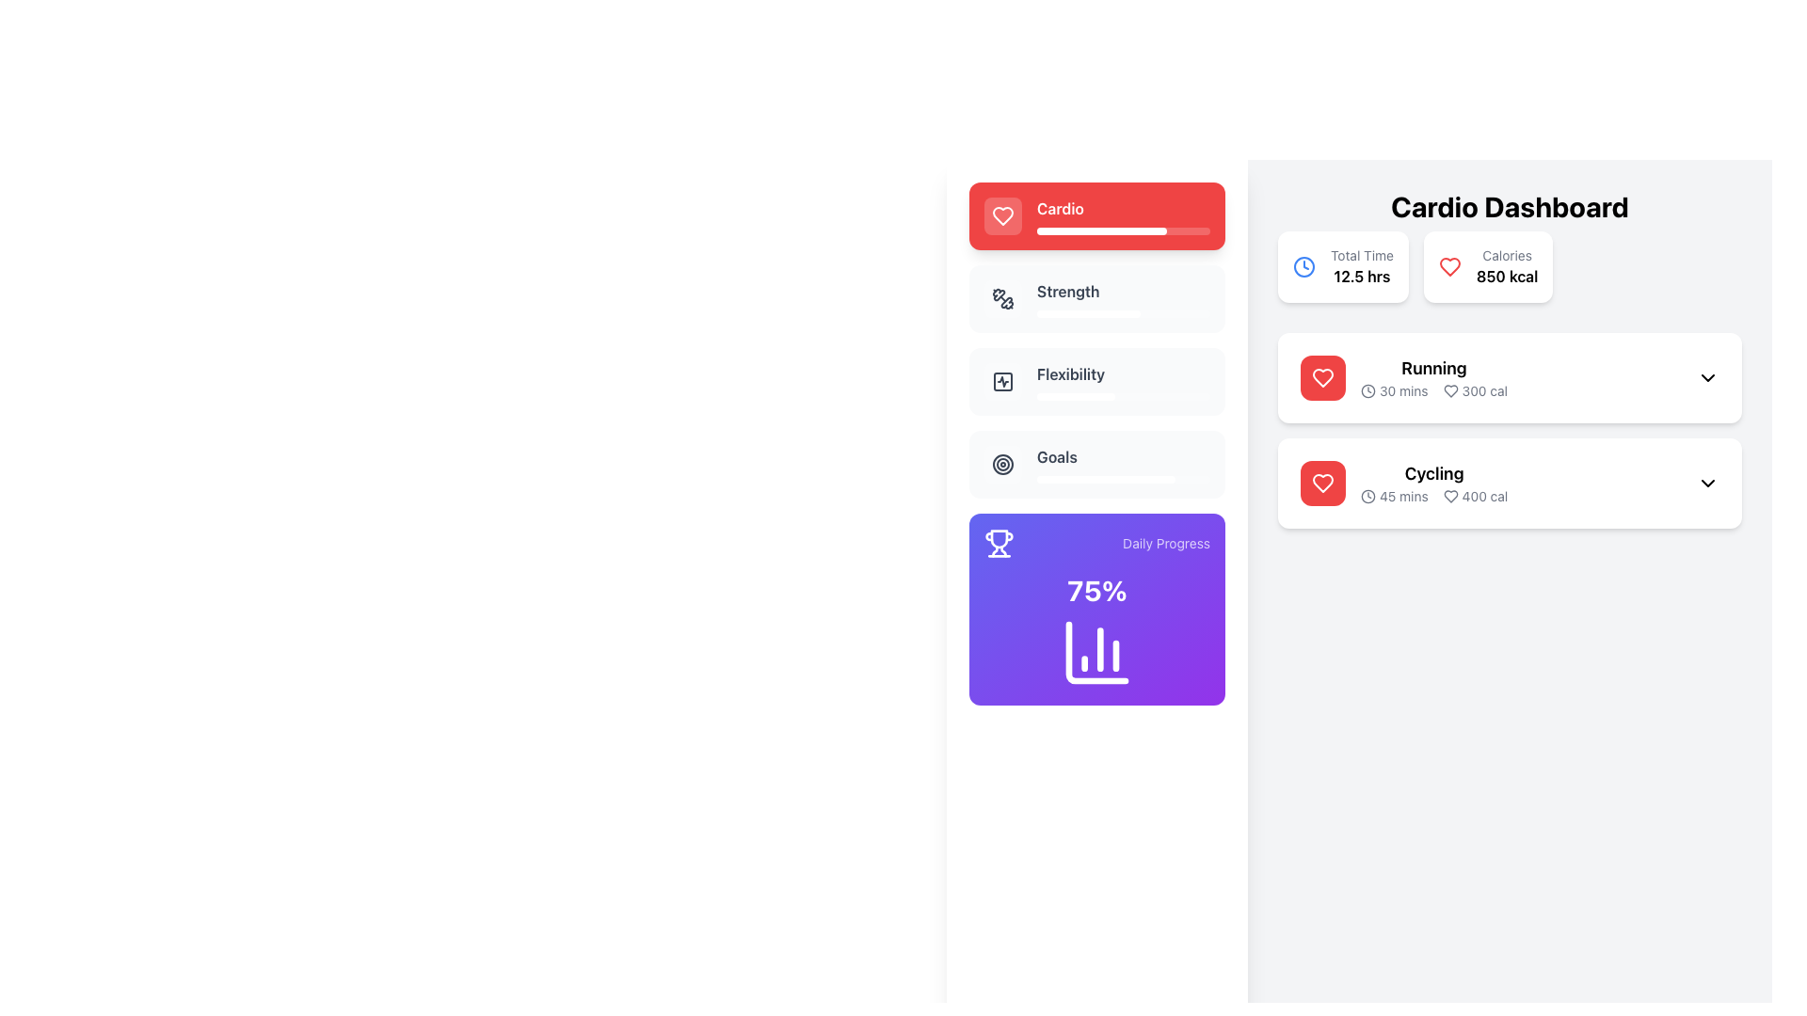 The height and width of the screenshot is (1016, 1807). Describe the element at coordinates (1507, 276) in the screenshot. I see `the text label displaying '850 kcal', which is emphasized in bold font and located under the 'Calories' label in the 'Cardio Dashboard' section` at that location.